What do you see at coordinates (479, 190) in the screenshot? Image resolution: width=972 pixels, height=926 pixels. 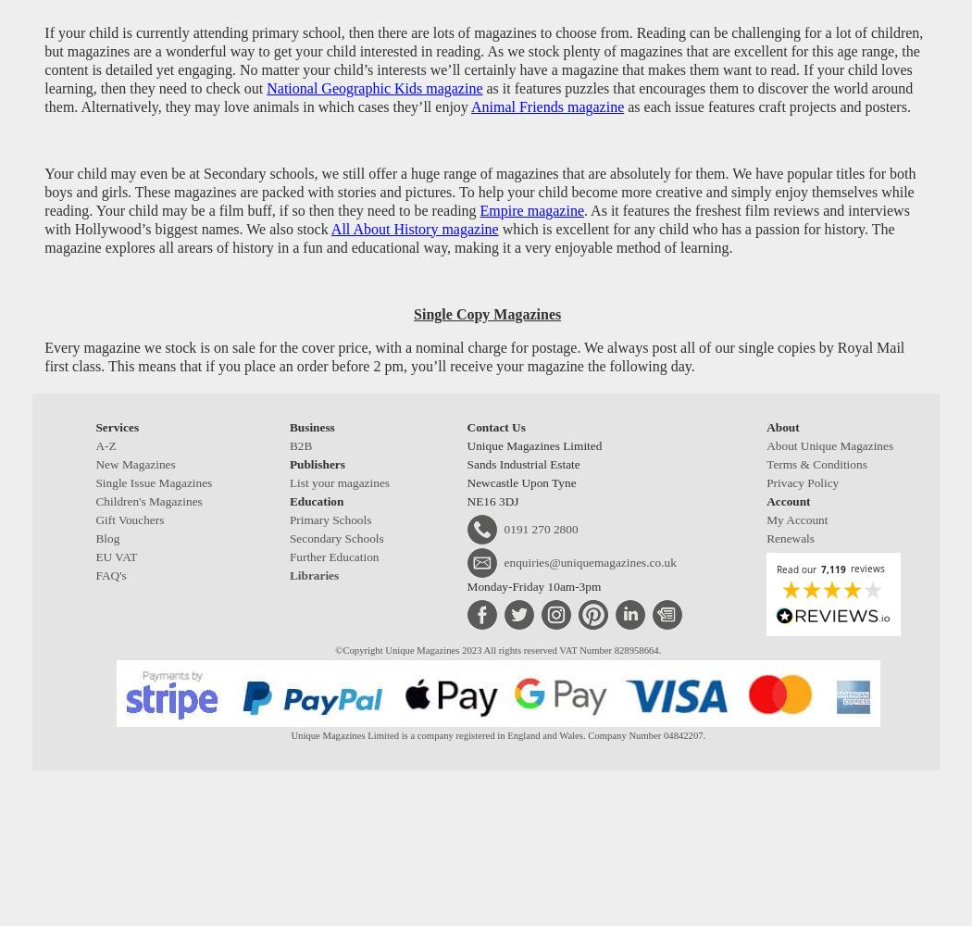 I see `'Your child may even be at Secondary schools, we still offer a huge range of magazines that are absolutely for them. We have popular titles for both boys and girls. These magazines are packed with stories and pictures. To help your child become more creative and simply enjoy themselves while reading. Your child may be a film buff, if so then they need to be reading'` at bounding box center [479, 190].